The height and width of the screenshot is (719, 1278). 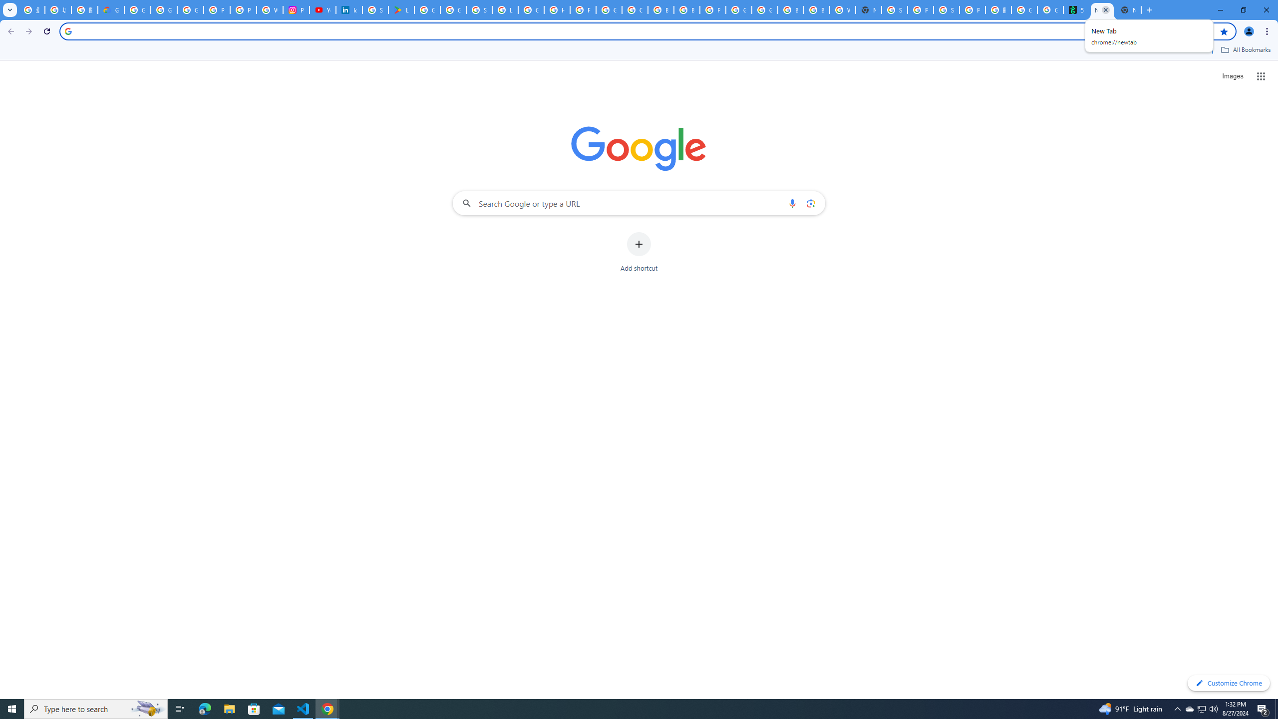 I want to click on 'YouTube Culture & Trends - On The Rise: Handcam Videos', so click(x=322, y=9).